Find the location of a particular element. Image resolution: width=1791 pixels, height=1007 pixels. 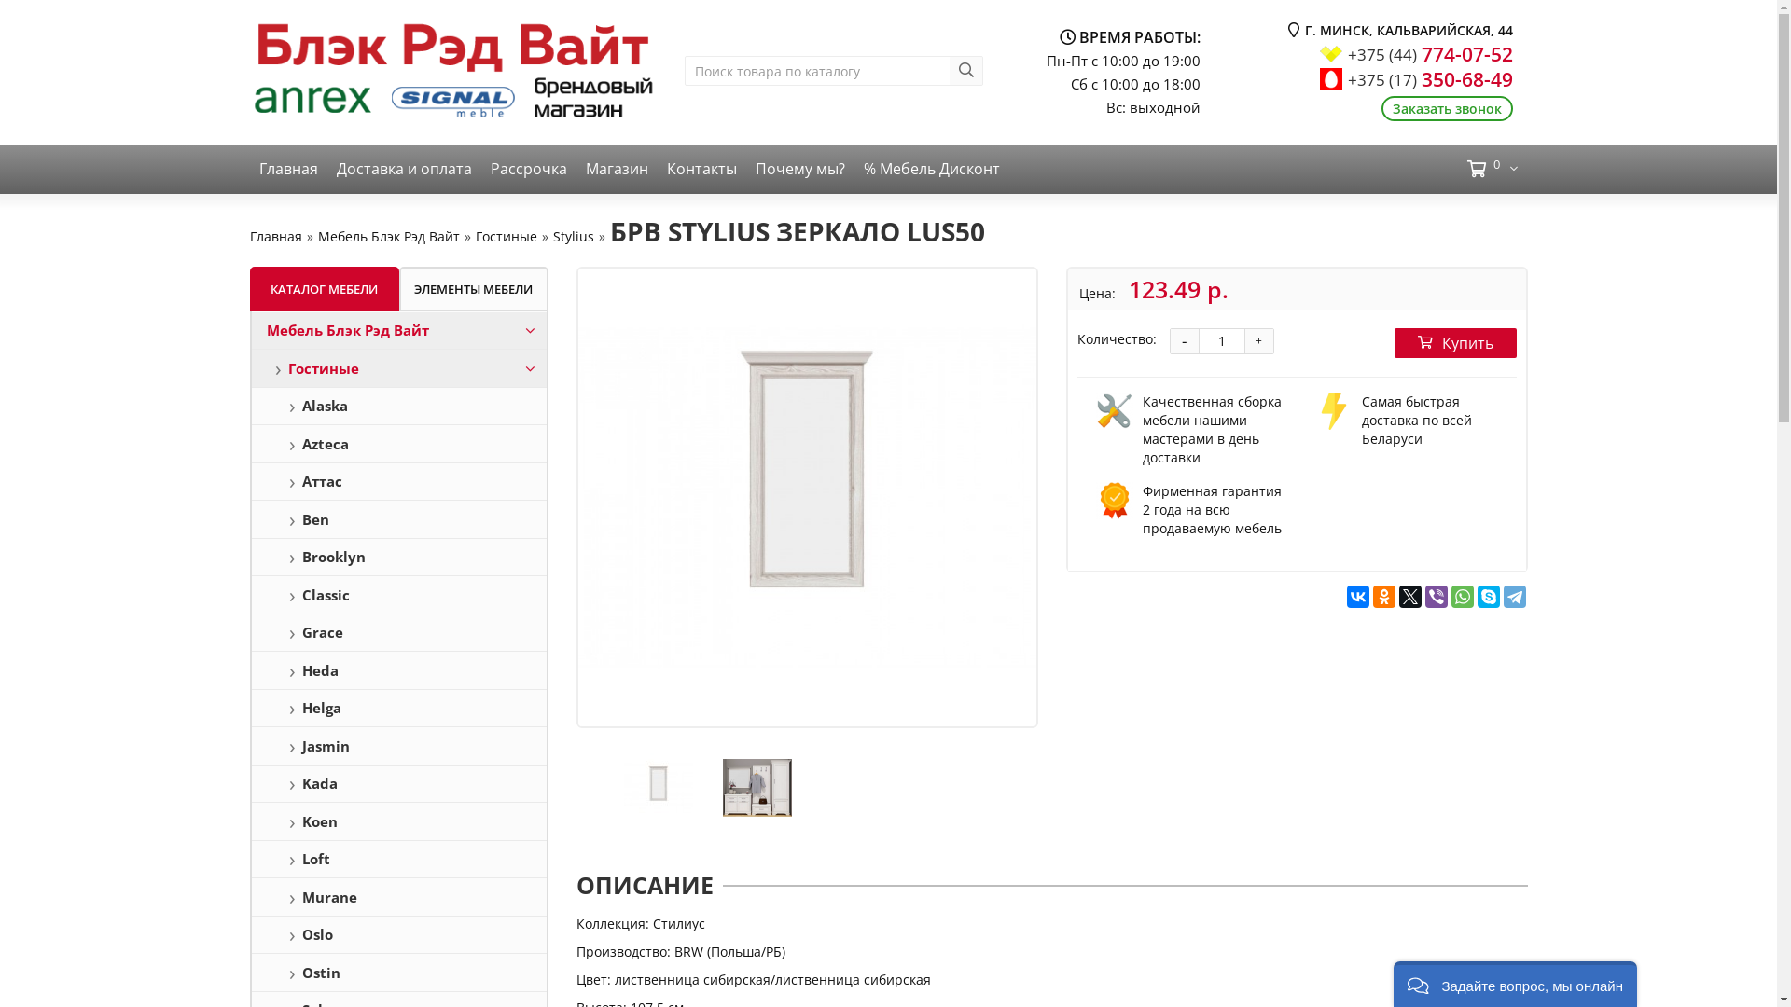

'Skype' is located at coordinates (1488, 597).